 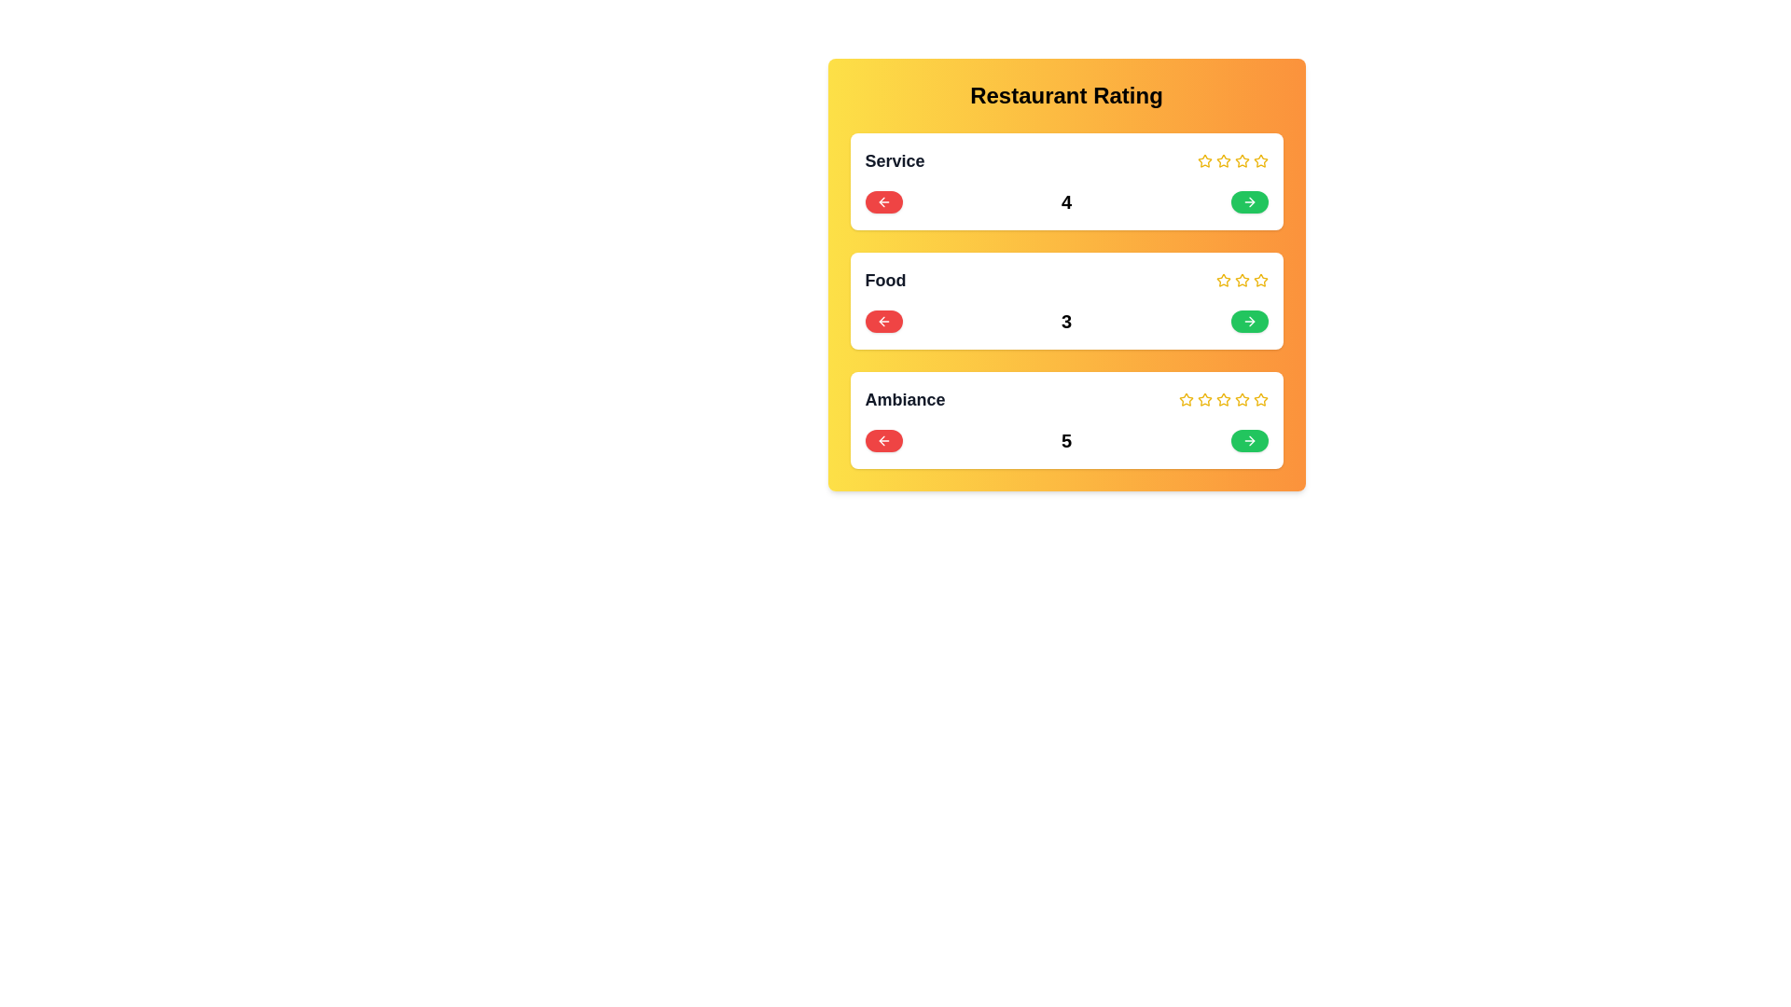 What do you see at coordinates (1185, 398) in the screenshot?
I see `the second star from the left in the row of five stars located in the 'Ambiance' rating section` at bounding box center [1185, 398].